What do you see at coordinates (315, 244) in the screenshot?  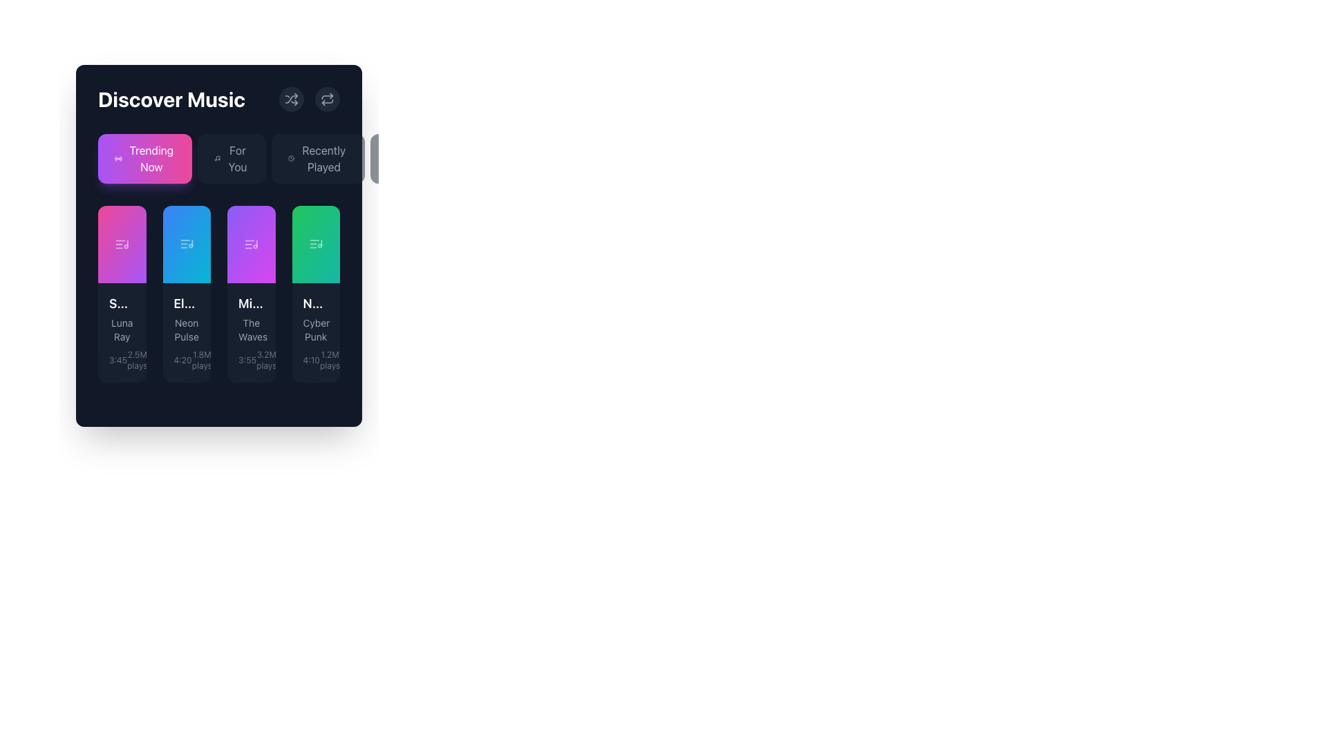 I see `the musical note icon on the green card labeled 'Cyber Punk', which is located in the fourth position of the row of music cards` at bounding box center [315, 244].